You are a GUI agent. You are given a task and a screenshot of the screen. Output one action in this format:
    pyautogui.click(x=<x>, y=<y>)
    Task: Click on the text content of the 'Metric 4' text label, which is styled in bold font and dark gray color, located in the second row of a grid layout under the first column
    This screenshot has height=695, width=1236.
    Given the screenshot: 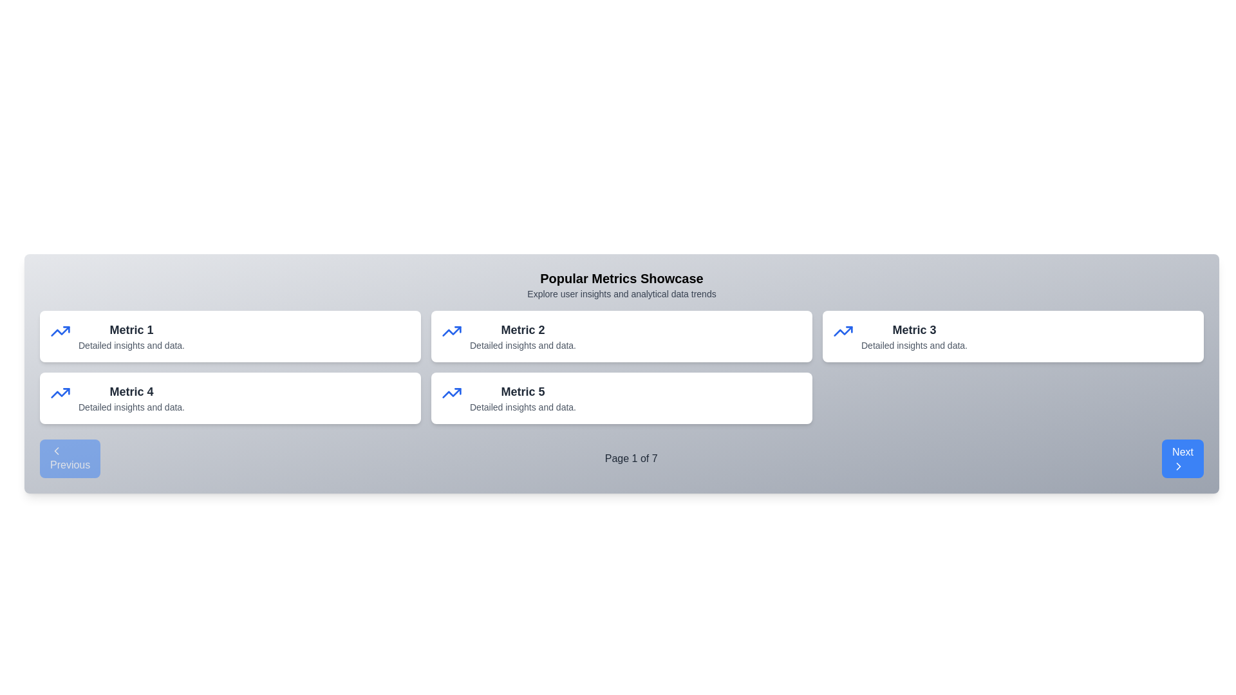 What is the action you would take?
    pyautogui.click(x=131, y=391)
    